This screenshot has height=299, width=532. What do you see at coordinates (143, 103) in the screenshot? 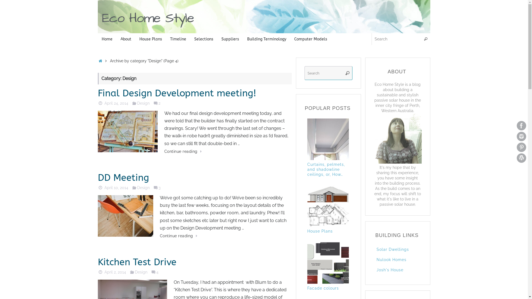
I see `'Design'` at bounding box center [143, 103].